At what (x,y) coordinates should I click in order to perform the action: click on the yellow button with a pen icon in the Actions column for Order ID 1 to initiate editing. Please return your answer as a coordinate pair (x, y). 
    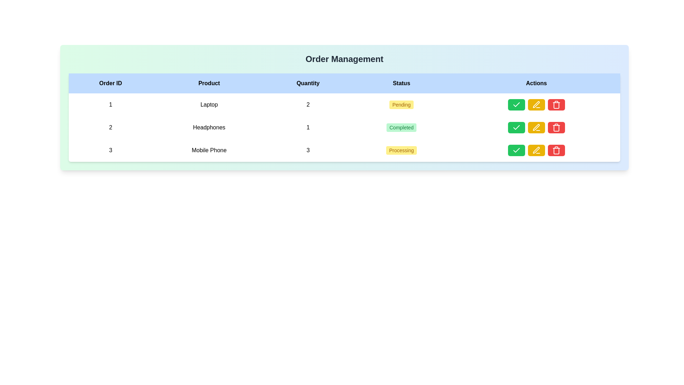
    Looking at the image, I should click on (536, 104).